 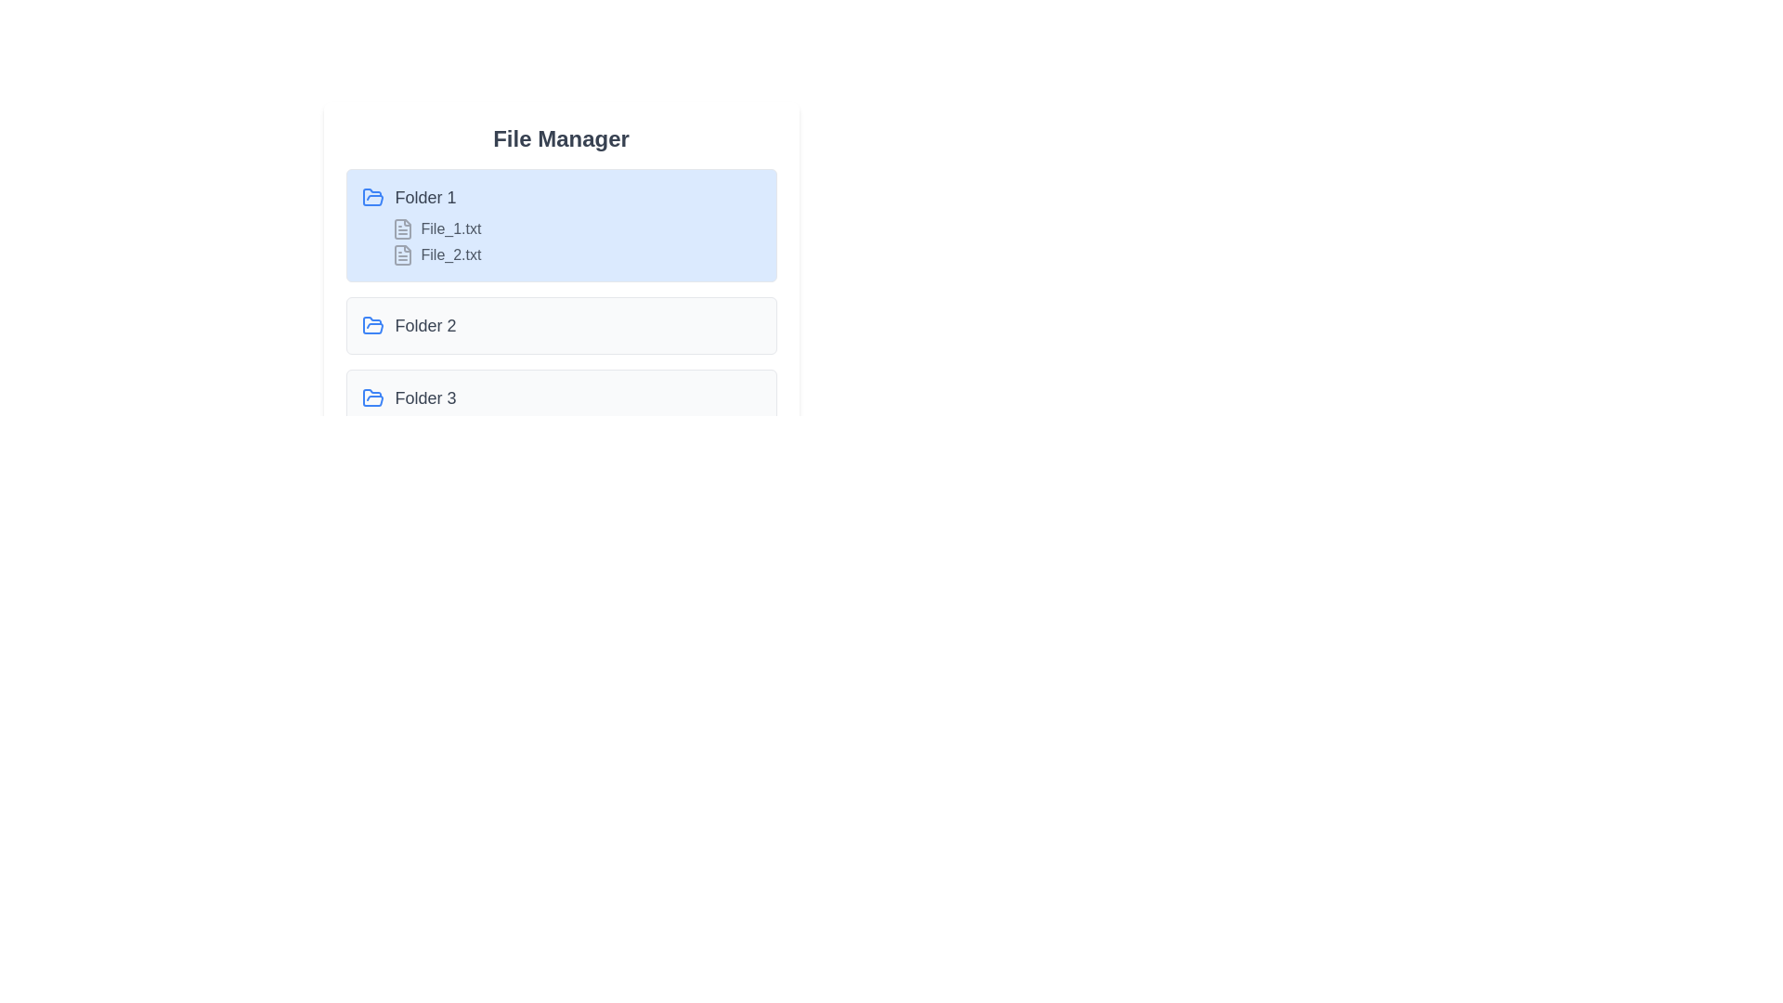 I want to click on the text label that describes the second folder in the list, positioned to the right of the folder icon, so click(x=424, y=325).